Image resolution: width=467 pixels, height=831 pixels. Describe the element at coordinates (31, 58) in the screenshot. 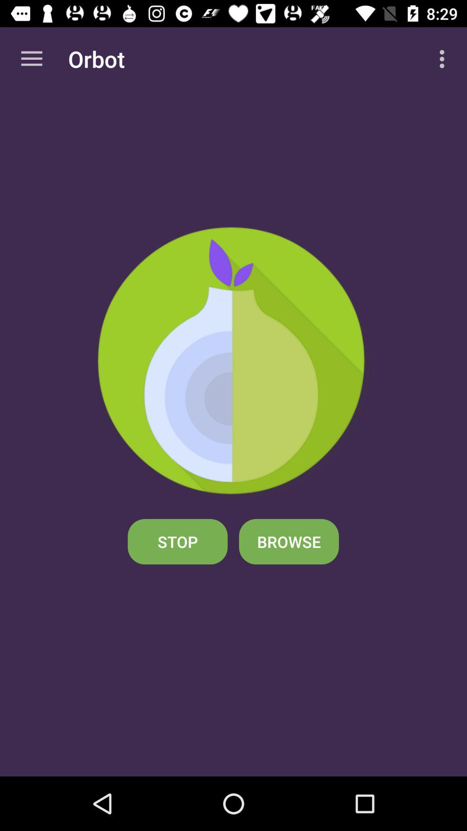

I see `the app to the left of the orbot app` at that location.